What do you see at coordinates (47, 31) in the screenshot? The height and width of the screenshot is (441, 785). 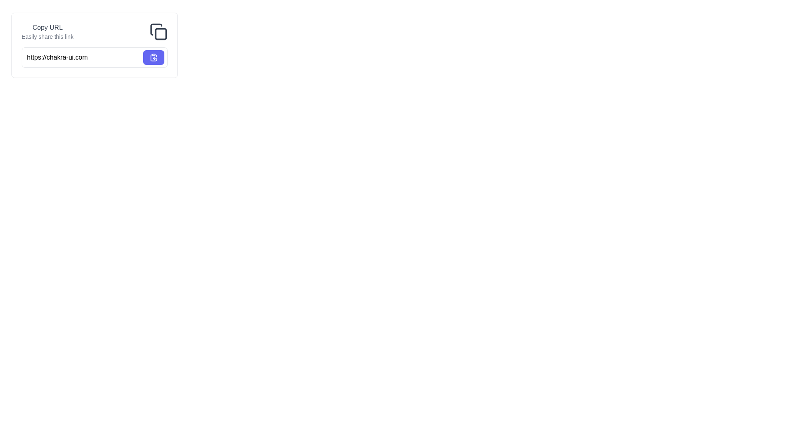 I see `the 'Copy URL' text label, which consists of 'Copy URL' and 'Easily share this link'` at bounding box center [47, 31].